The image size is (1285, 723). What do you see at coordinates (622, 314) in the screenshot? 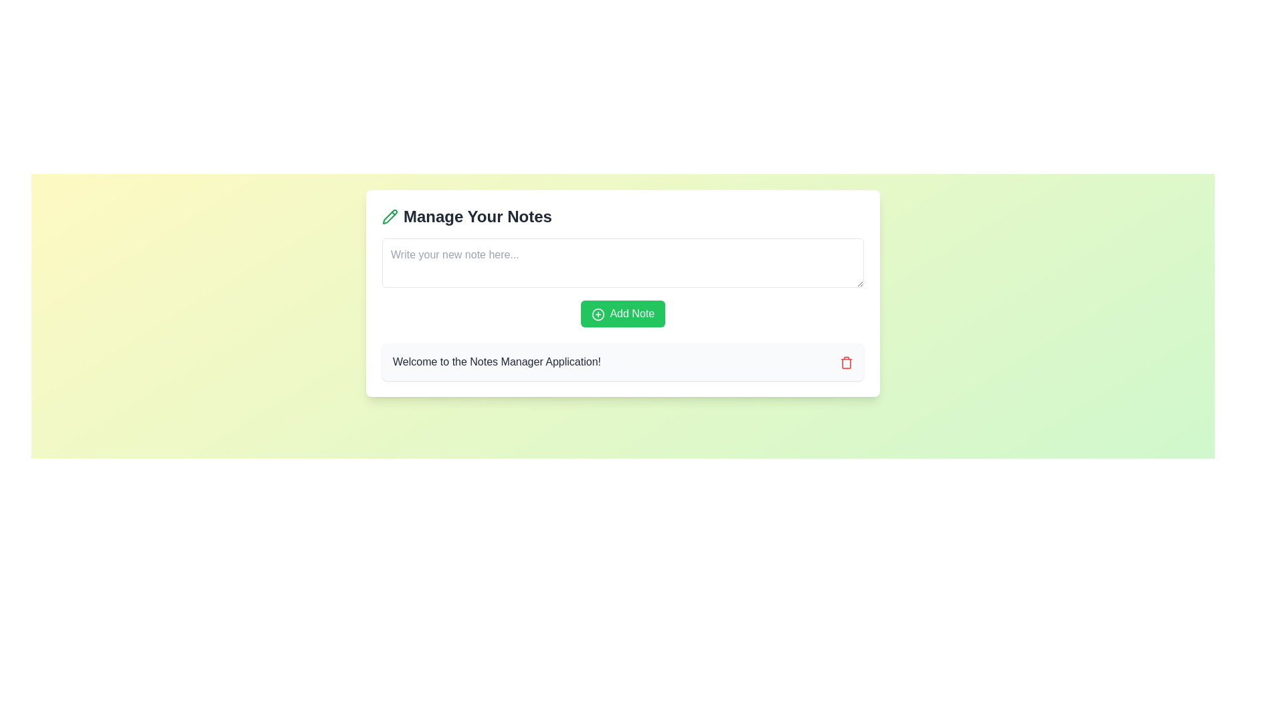
I see `the green 'Add Note' button with a plus-circle icon to the left of the text for visual feedback` at bounding box center [622, 314].